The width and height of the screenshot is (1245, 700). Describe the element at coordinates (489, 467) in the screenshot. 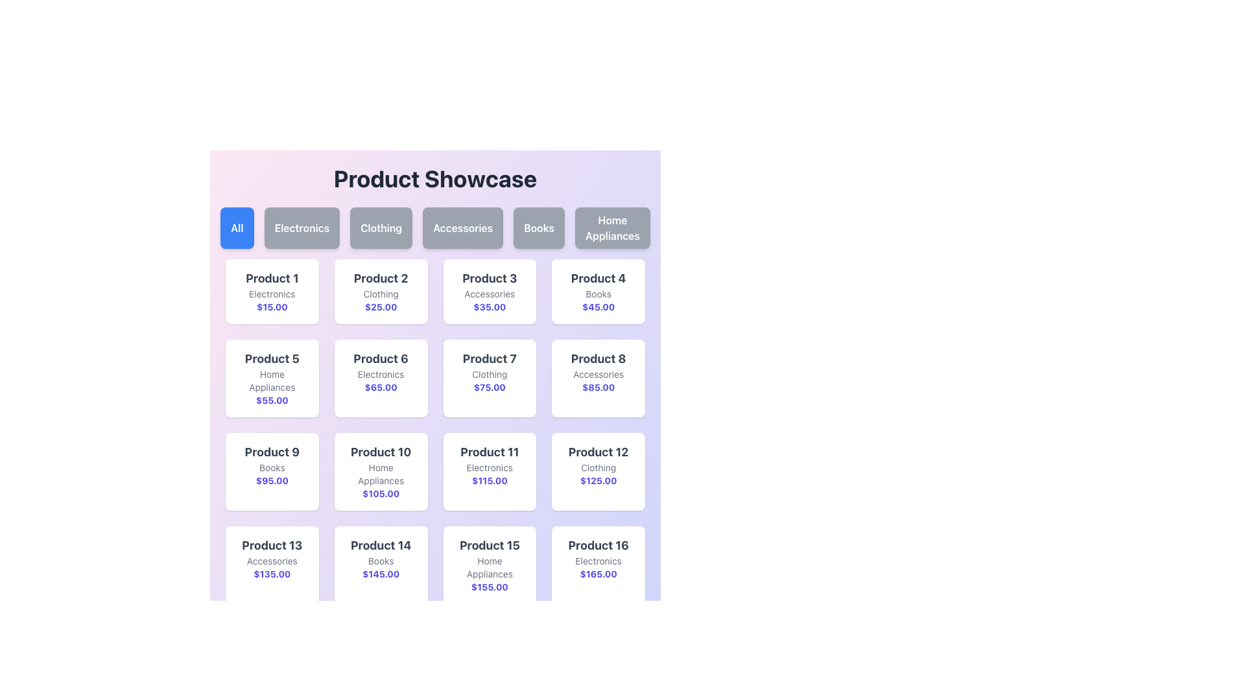

I see `the text label that identifies the category of 'Product 11' as 'Electronics', located in the third row and third column of the grid layout, directly below its title and above the price` at that location.